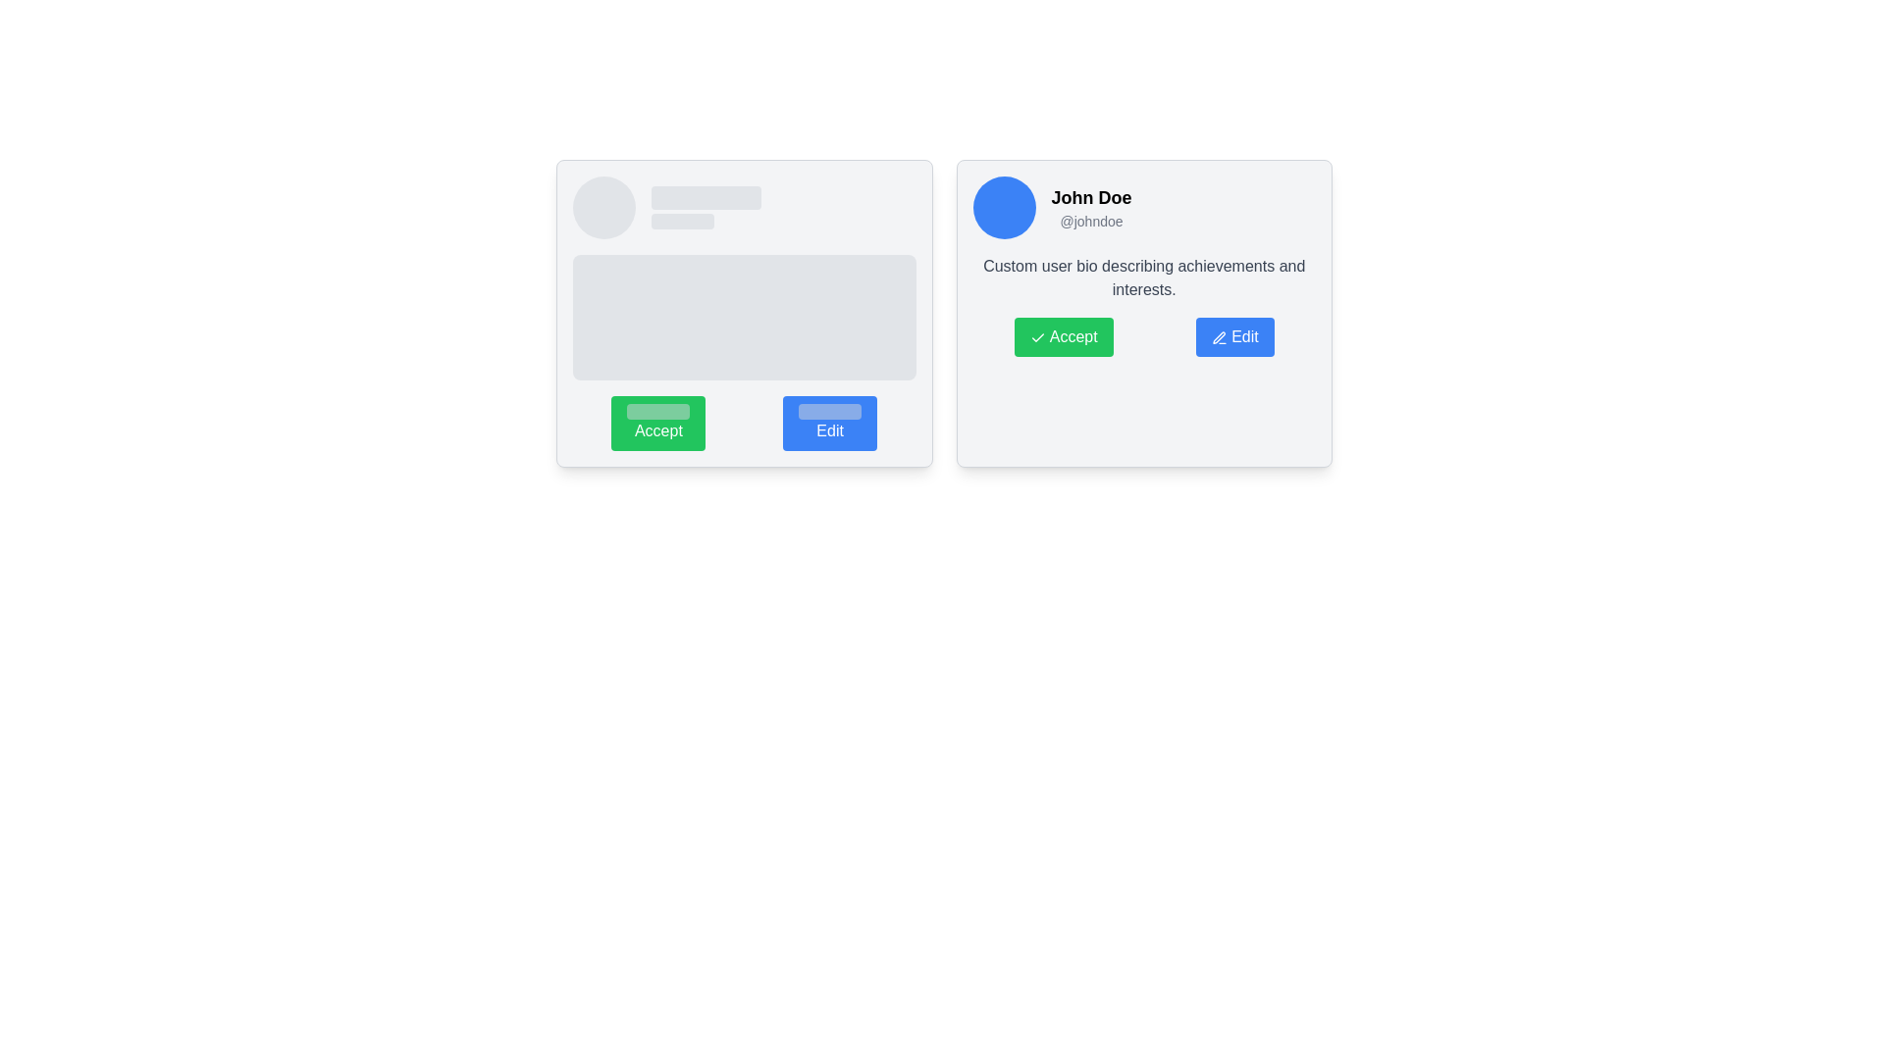 This screenshot has width=1884, height=1059. Describe the element at coordinates (658, 411) in the screenshot. I see `loading placeholder element located inside the green 'Accept' button, which has a light gray background and rounded corners` at that location.